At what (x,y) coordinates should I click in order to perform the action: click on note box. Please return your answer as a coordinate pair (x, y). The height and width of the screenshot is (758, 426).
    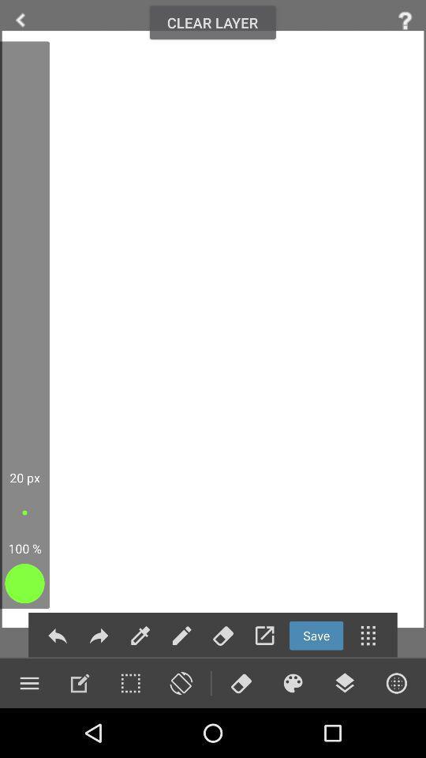
    Looking at the image, I should click on (79, 682).